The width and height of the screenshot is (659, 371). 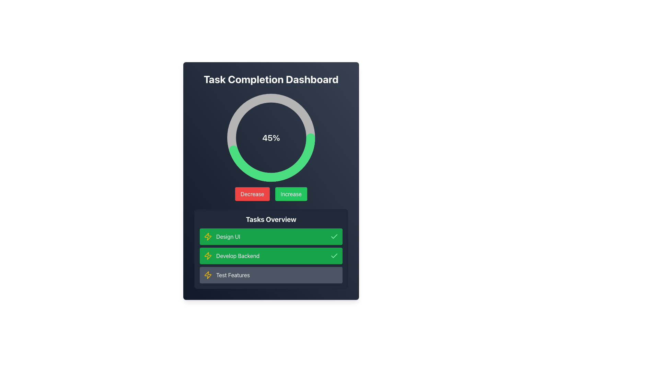 I want to click on the first icon on the left for the task 'Design UI' in the 'Tasks Overview' section of the dashboard, so click(x=207, y=236).